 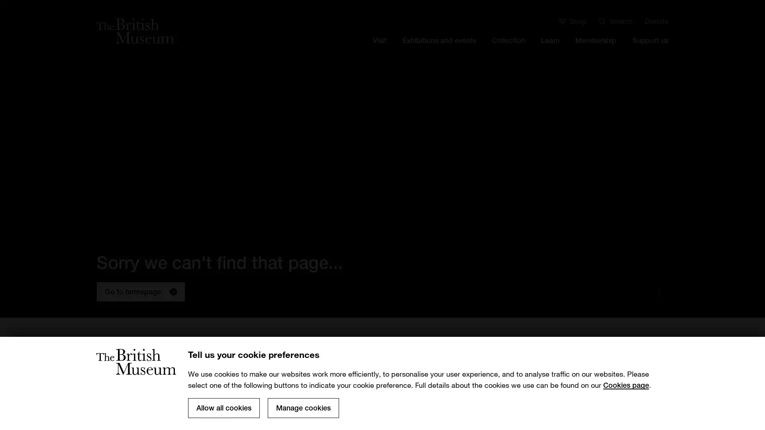 I want to click on Manage cookies, so click(x=303, y=408).